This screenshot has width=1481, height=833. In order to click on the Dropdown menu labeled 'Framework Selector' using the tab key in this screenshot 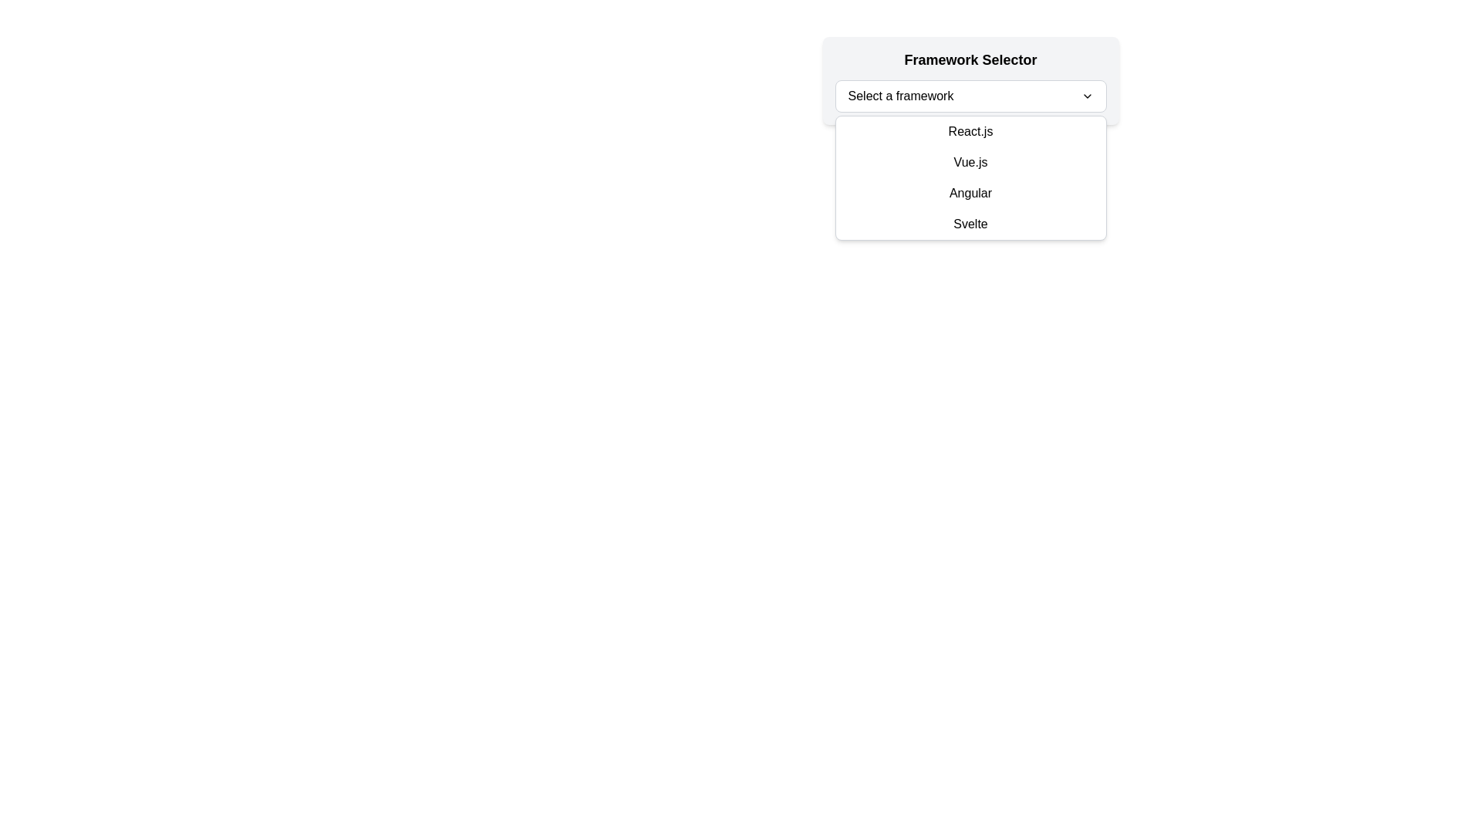, I will do `click(970, 96)`.